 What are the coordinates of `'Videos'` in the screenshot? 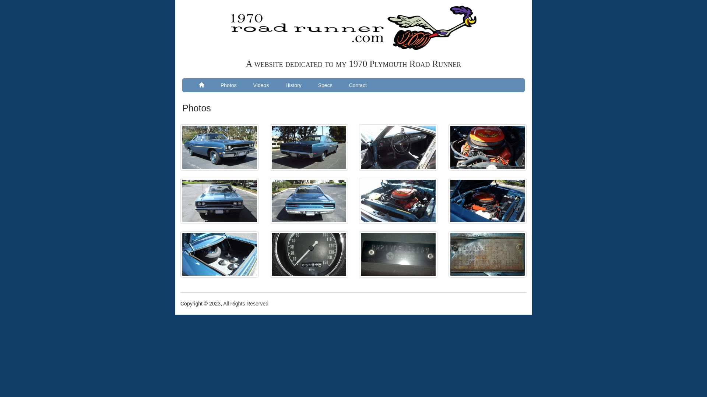 It's located at (261, 85).